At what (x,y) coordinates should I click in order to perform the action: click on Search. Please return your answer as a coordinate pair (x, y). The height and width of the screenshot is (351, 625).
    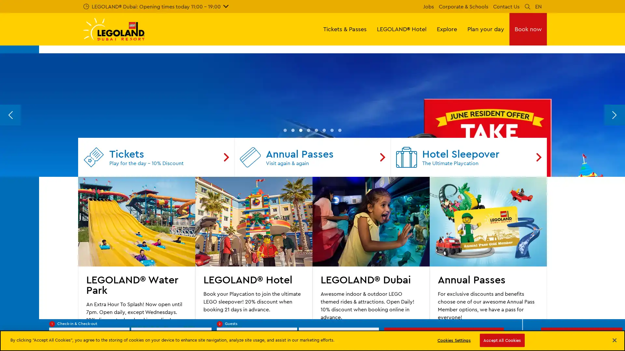
    Looking at the image, I should click on (443, 337).